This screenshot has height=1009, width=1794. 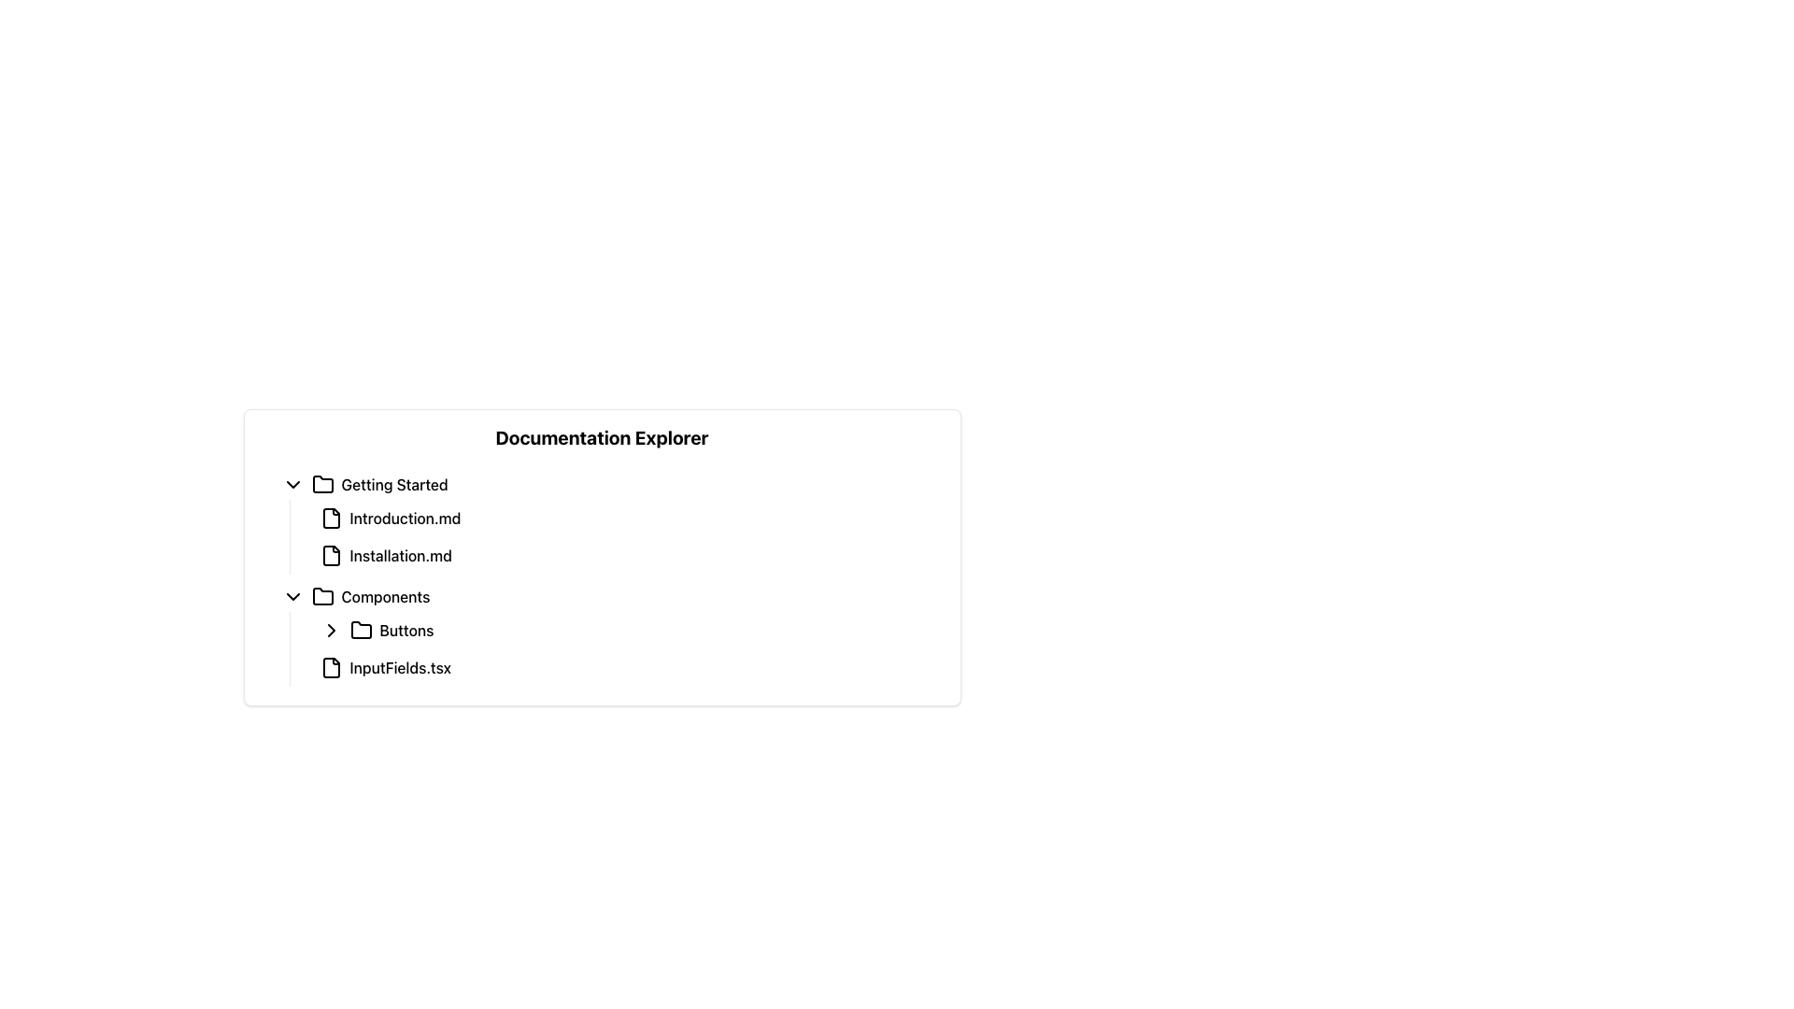 I want to click on the 'Components' folder icon in the Documentation Explorer, so click(x=322, y=596).